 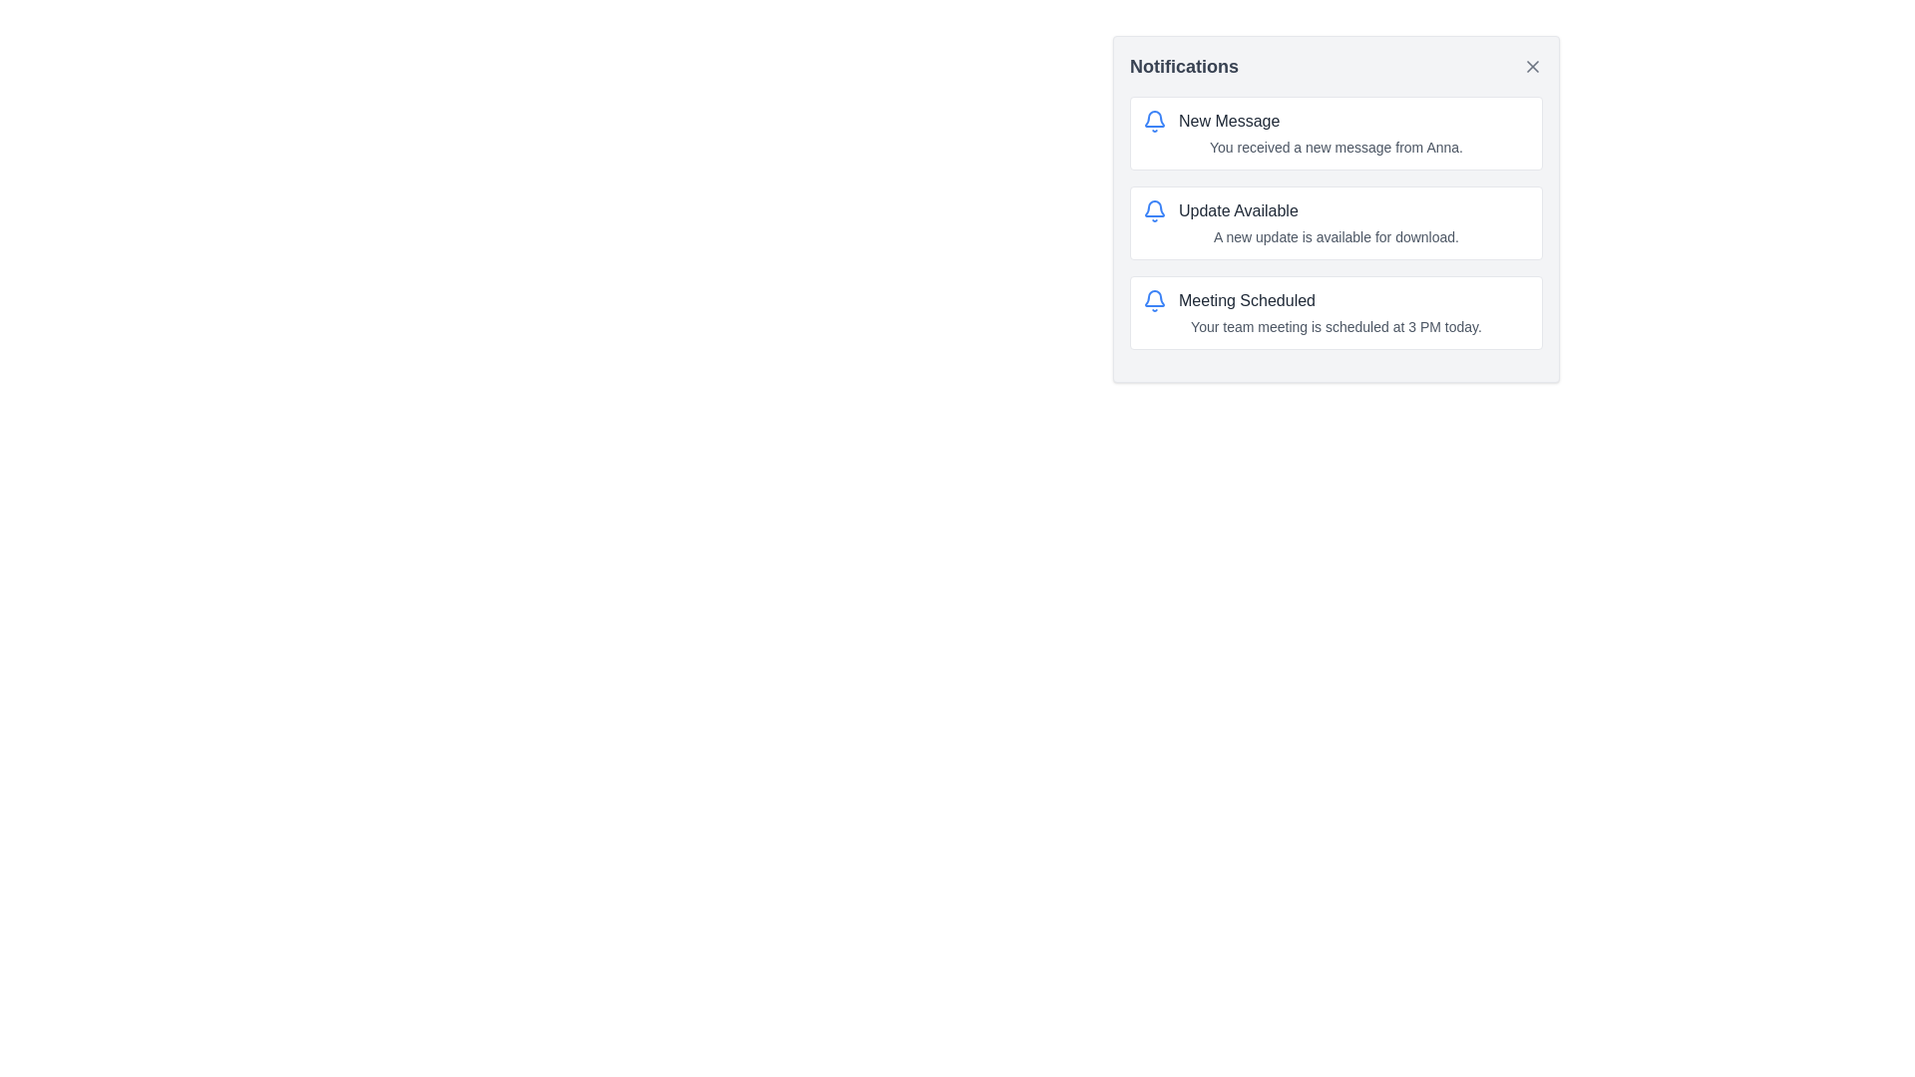 What do you see at coordinates (1154, 211) in the screenshot?
I see `the bell icon located at the start of the second notification item in the notification list` at bounding box center [1154, 211].